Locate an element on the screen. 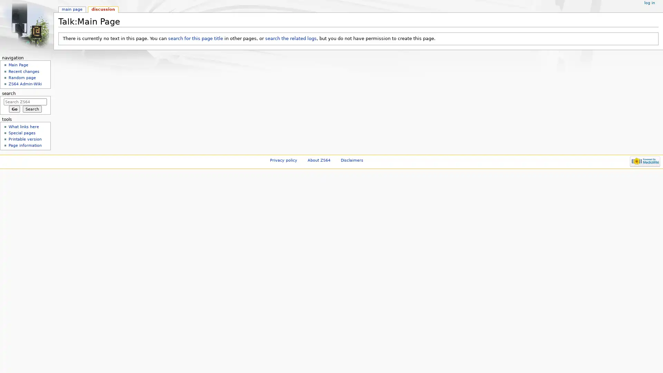  Go is located at coordinates (14, 109).